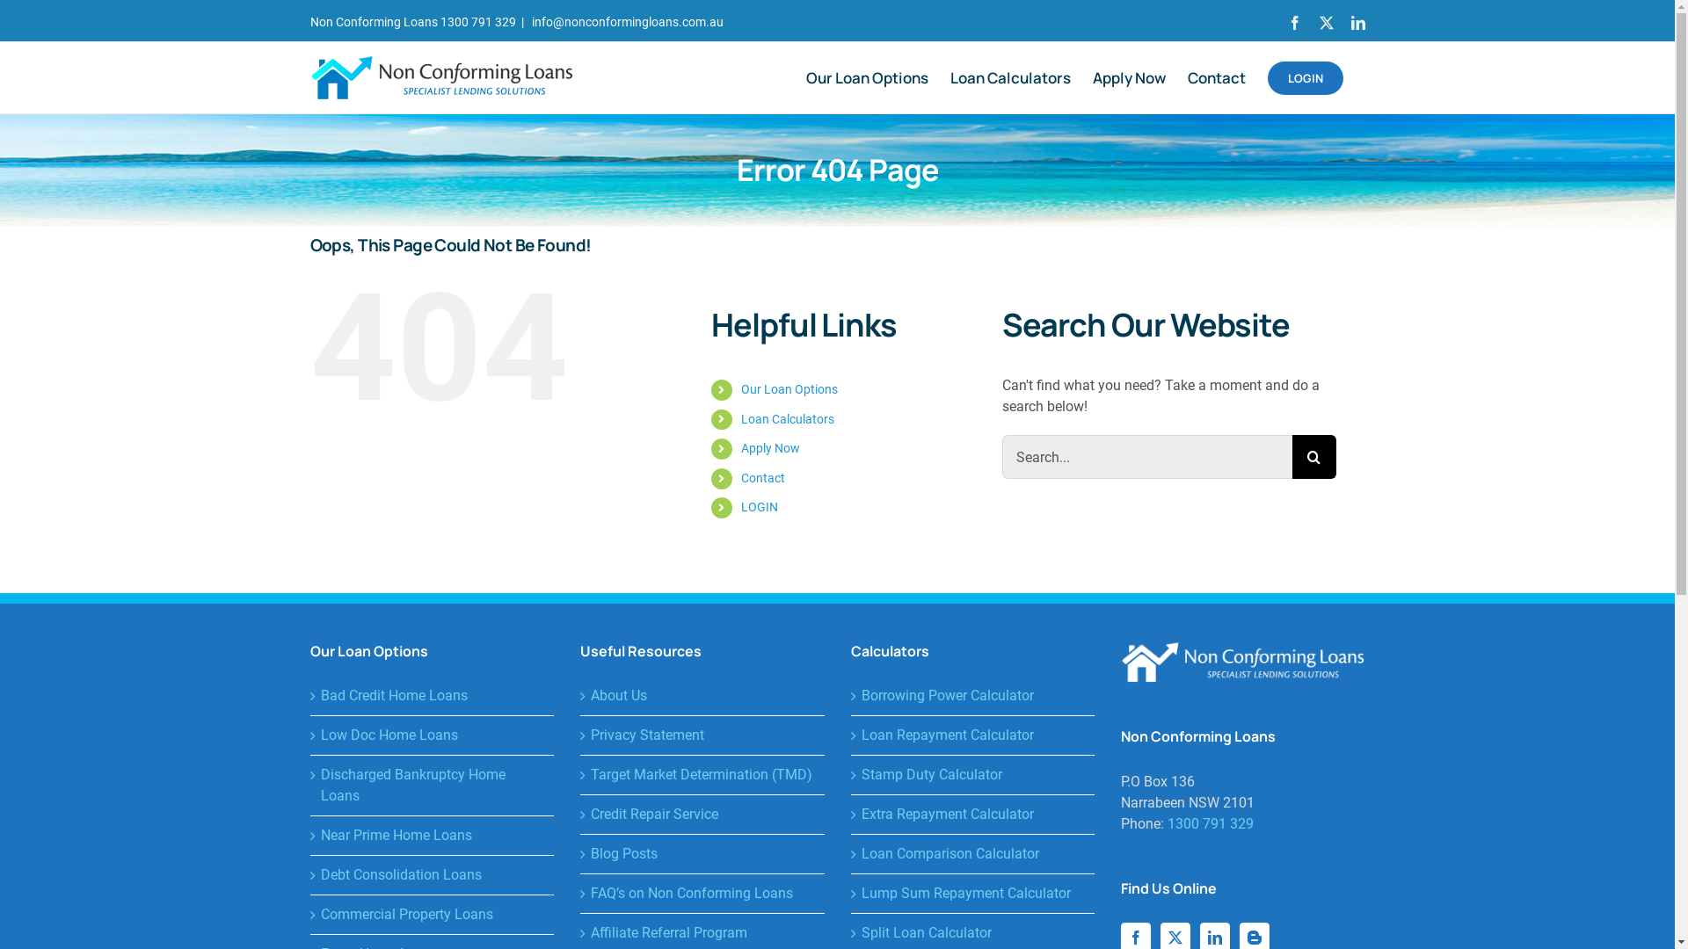 This screenshot has width=1688, height=949. I want to click on 'Privacy Statement', so click(703, 735).